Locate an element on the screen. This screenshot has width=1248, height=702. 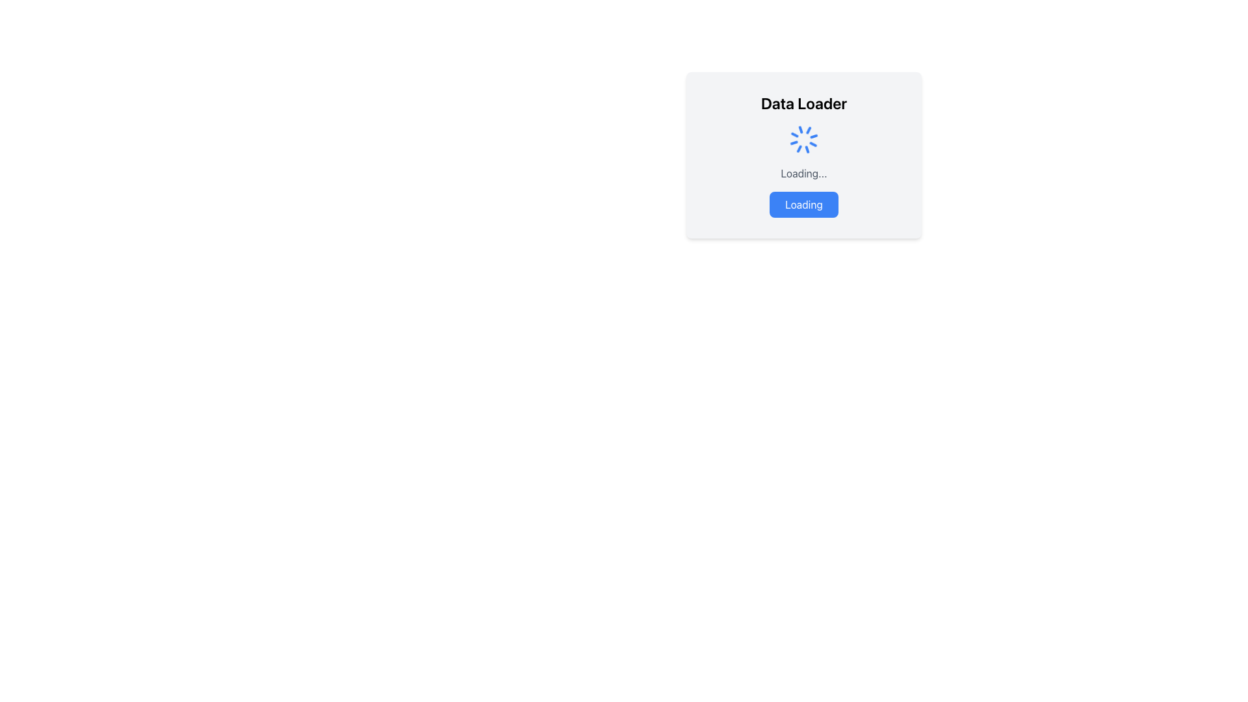
the blue spinning loader icon located near the top center of the panel, under the title 'Data Loader' is located at coordinates (803, 140).